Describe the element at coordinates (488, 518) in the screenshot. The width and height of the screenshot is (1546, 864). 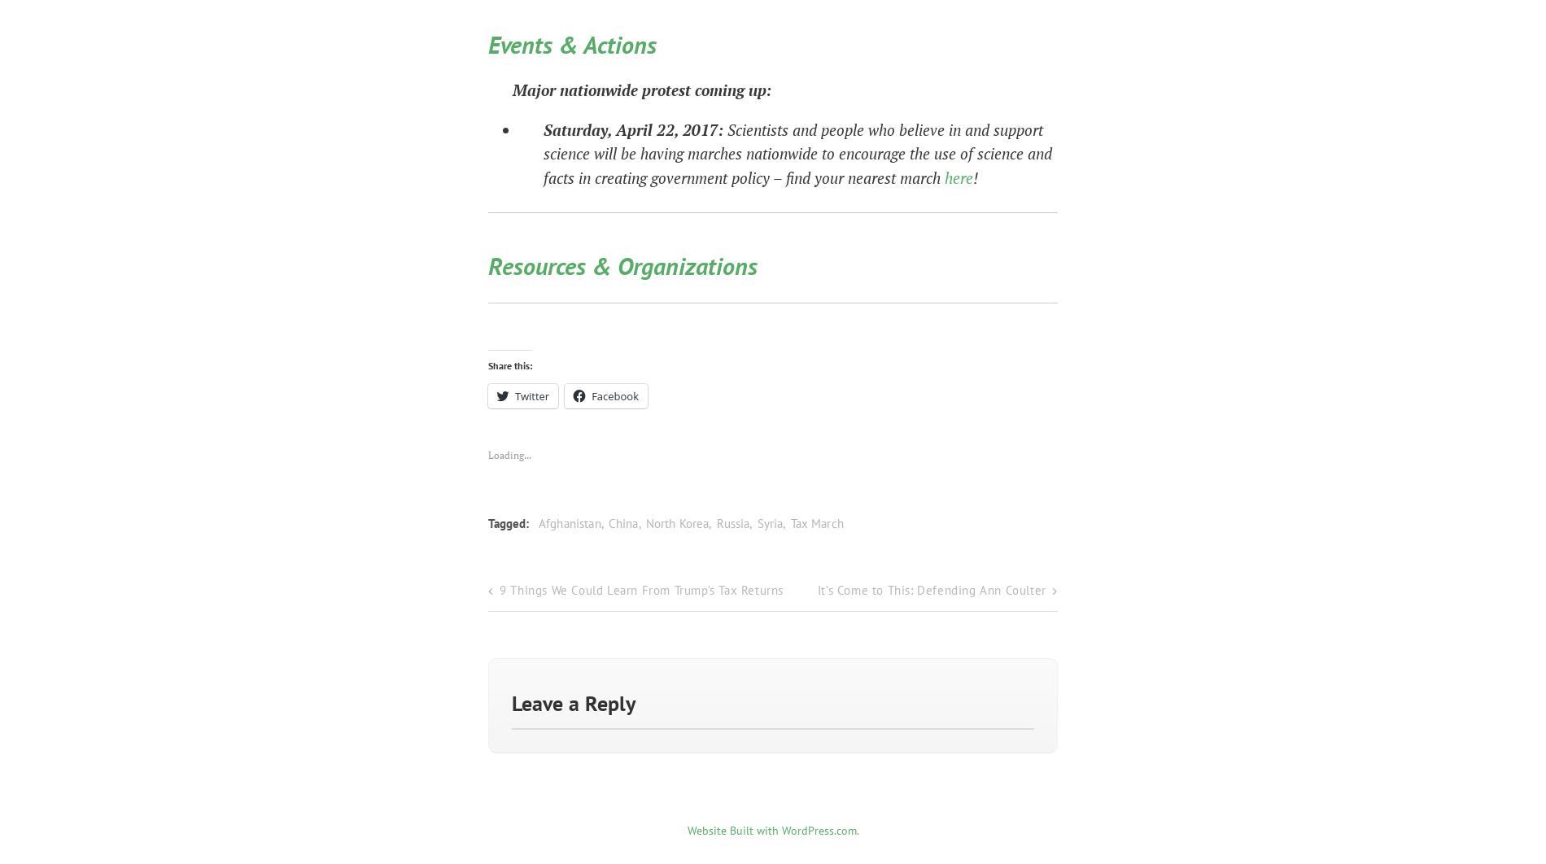
I see `'Tagged'` at that location.